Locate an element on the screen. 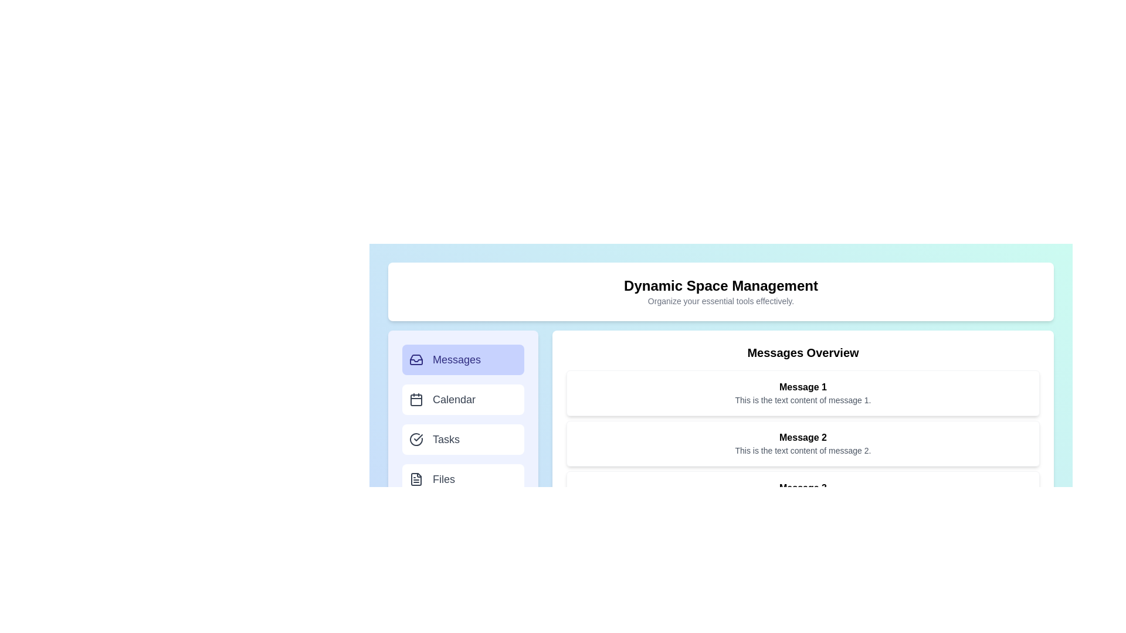  the active 'Messages' button icon located in the navigation menu on the left side of the interface, which is highlighted in purple is located at coordinates (416, 359).